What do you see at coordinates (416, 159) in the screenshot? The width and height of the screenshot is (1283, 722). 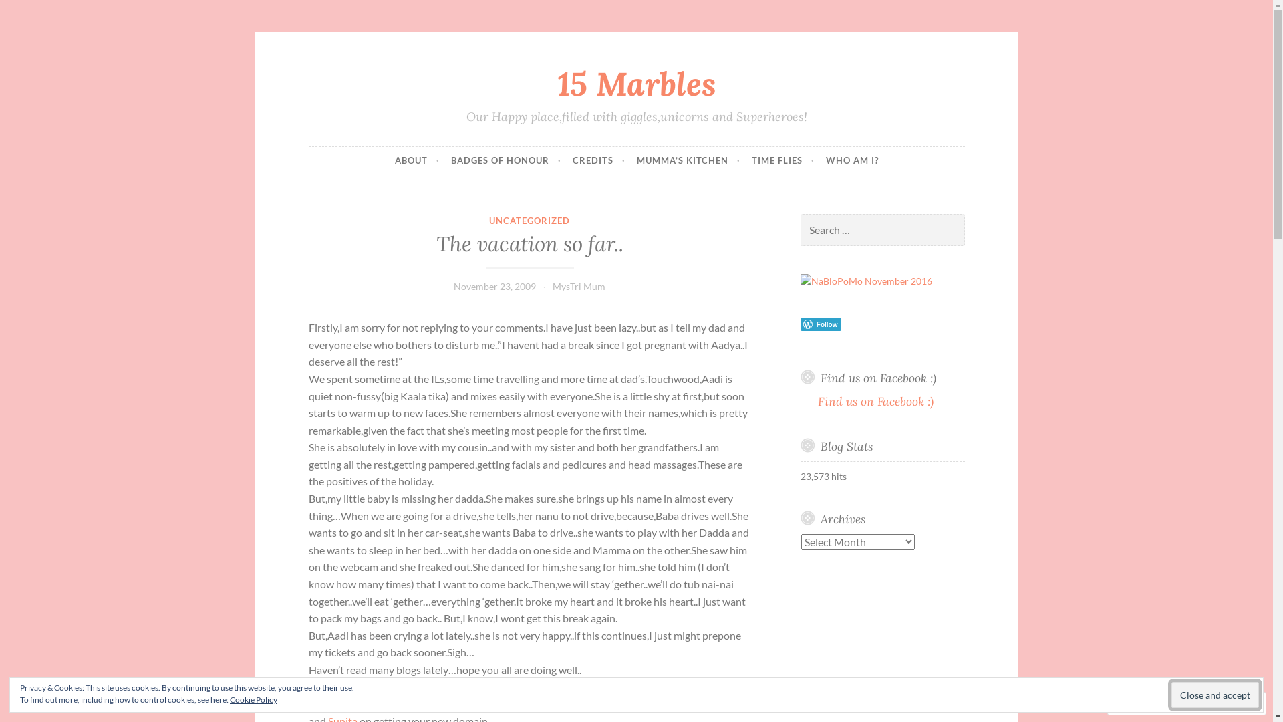 I see `'ABOUT'` at bounding box center [416, 159].